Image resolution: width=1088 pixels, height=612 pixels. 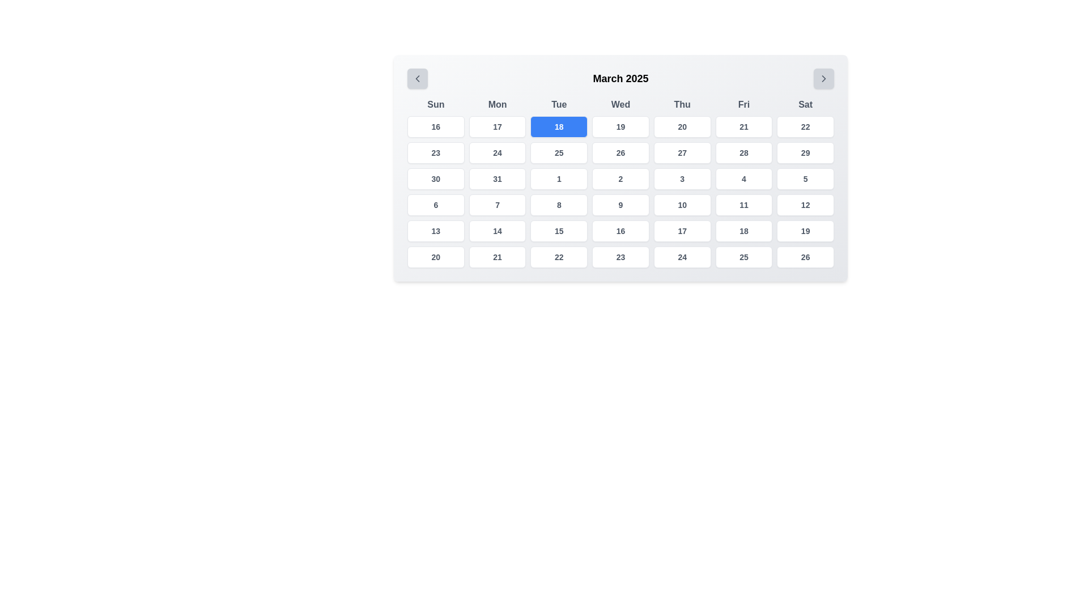 What do you see at coordinates (559, 205) in the screenshot?
I see `the button displaying the number '8' in the calendar grid, located in the sixth row and third column` at bounding box center [559, 205].